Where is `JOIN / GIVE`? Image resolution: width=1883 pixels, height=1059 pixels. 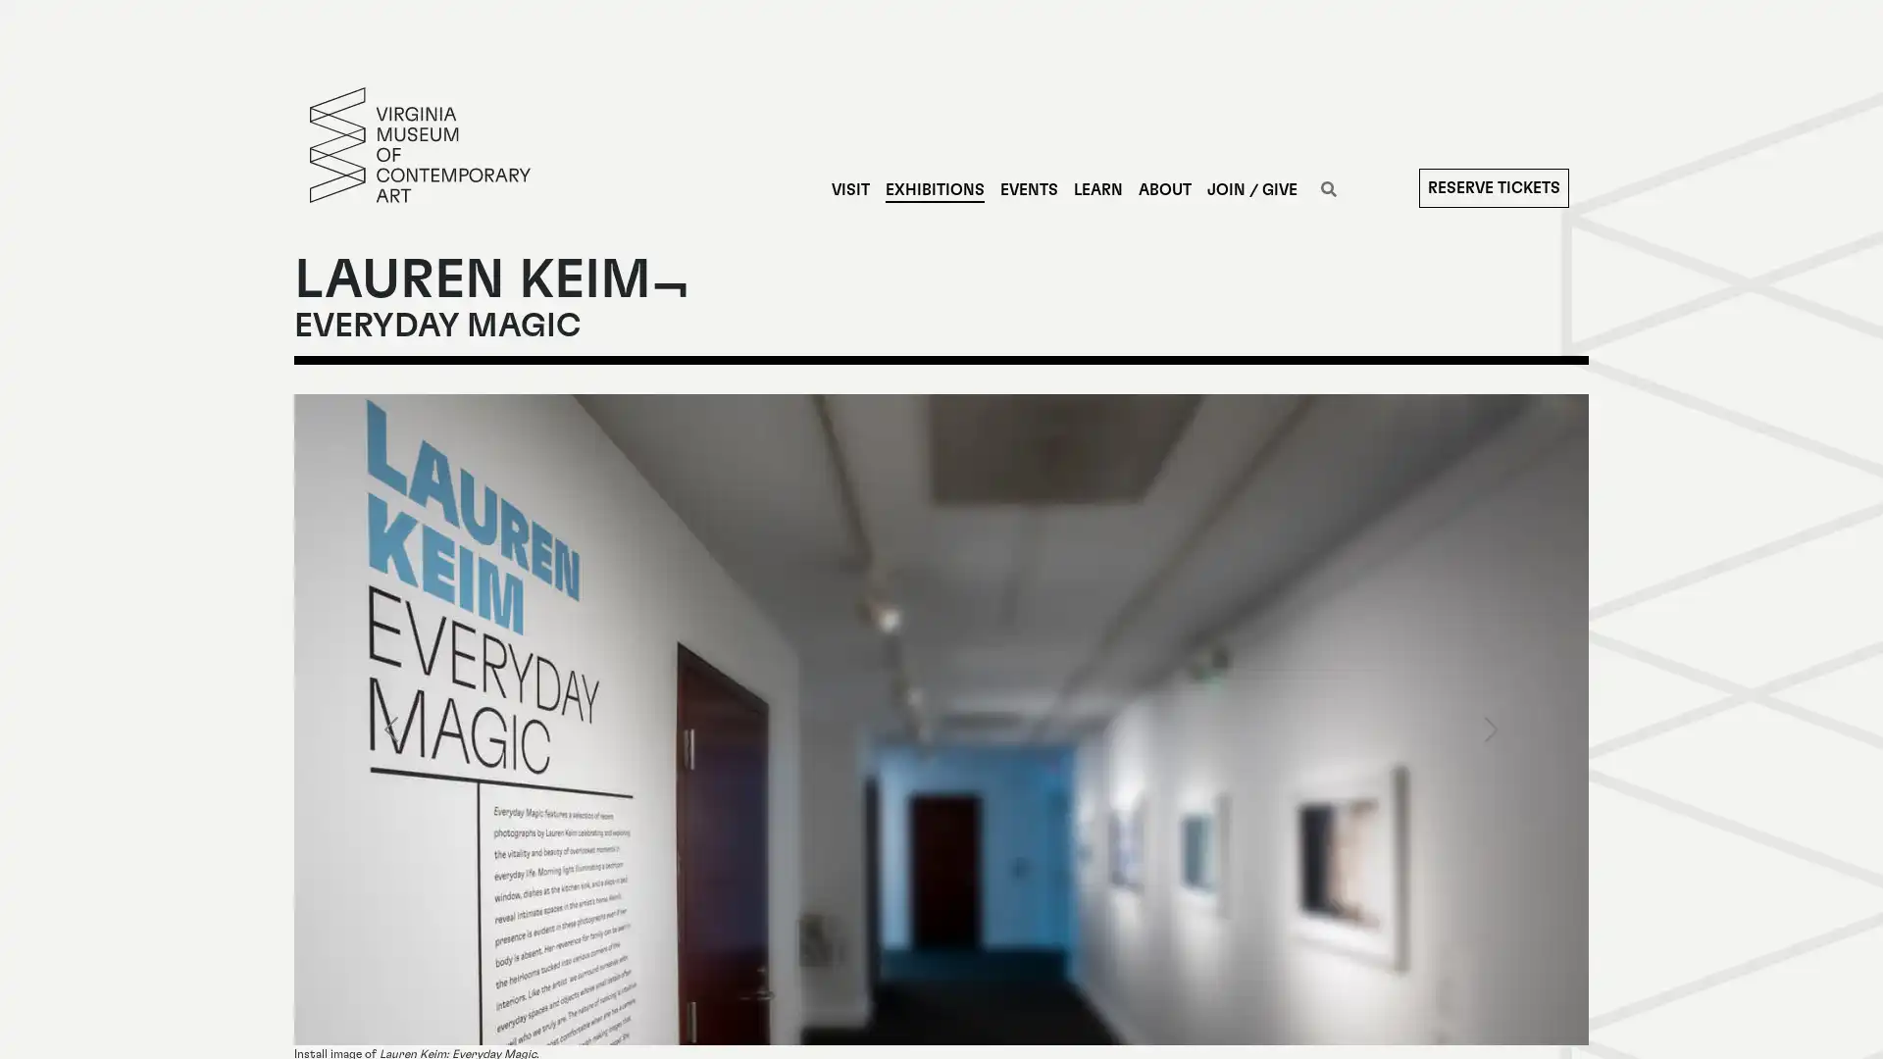
JOIN / GIVE is located at coordinates (1250, 189).